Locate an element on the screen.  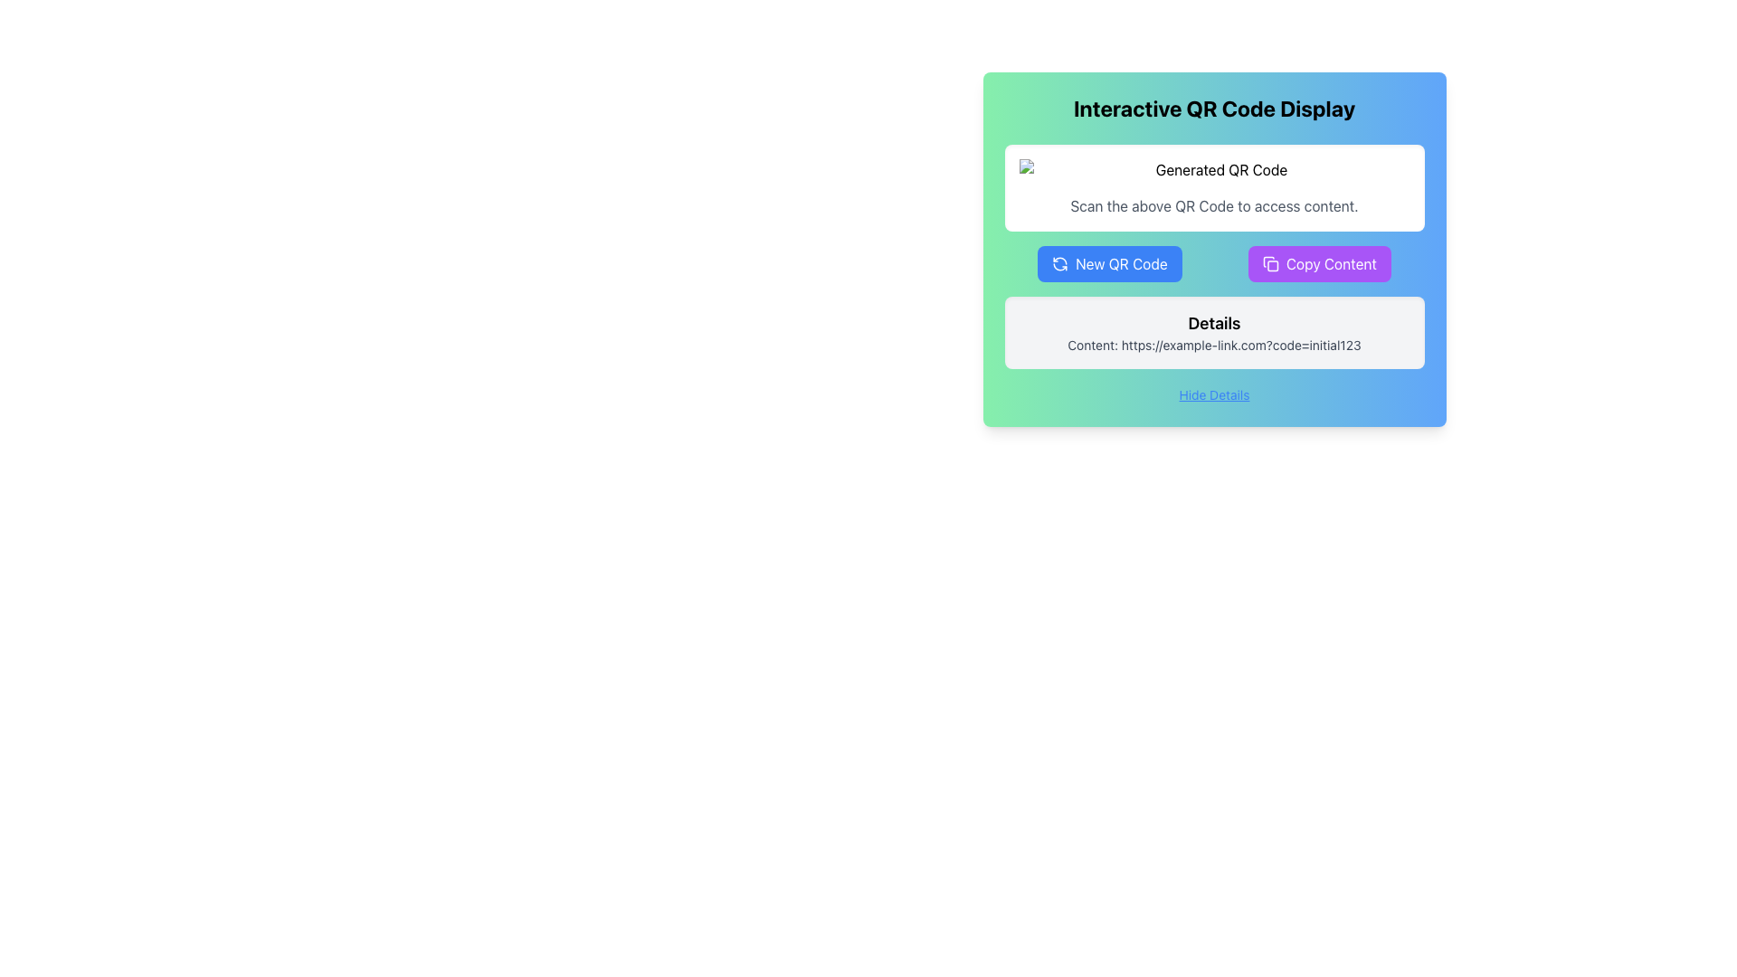
the 'Hide Details' hyperlink located at the bottom-right corner of the card component to hide the details is located at coordinates (1214, 393).